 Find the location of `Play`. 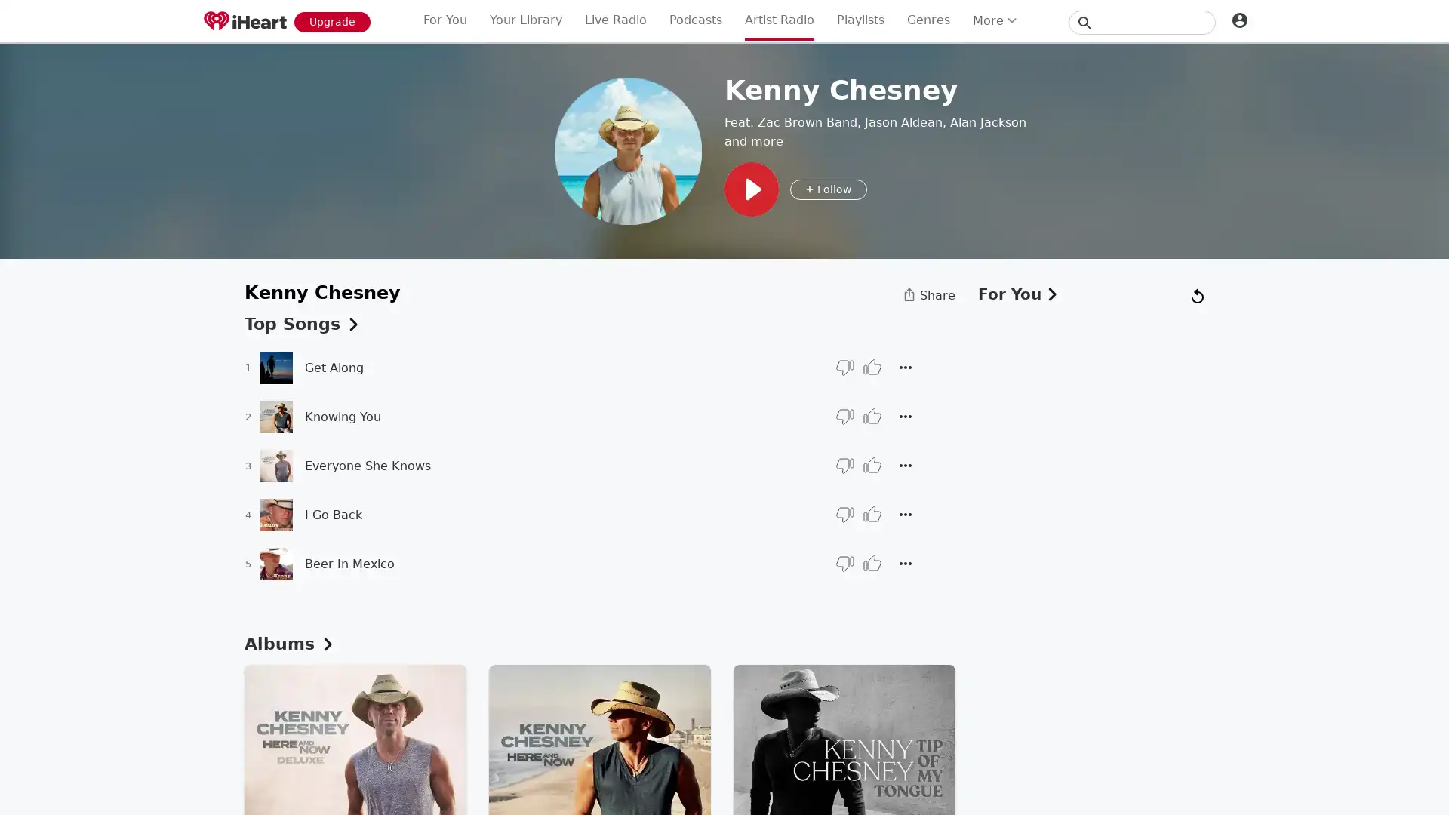

Play is located at coordinates (724, 407).